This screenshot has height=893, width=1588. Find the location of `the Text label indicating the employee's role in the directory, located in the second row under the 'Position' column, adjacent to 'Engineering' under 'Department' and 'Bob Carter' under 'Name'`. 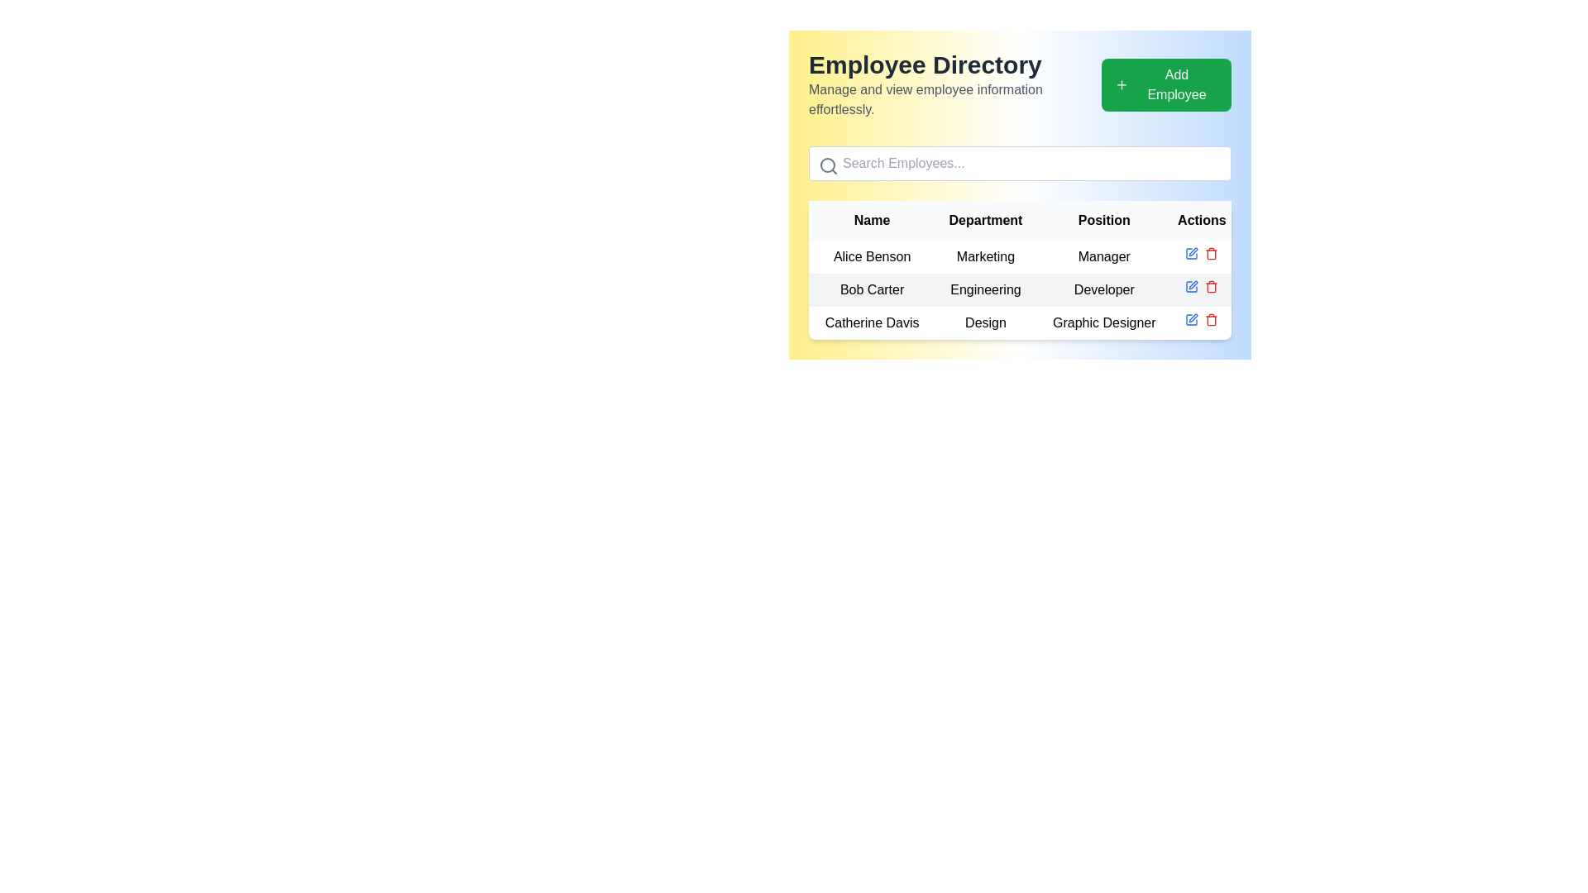

the Text label indicating the employee's role in the directory, located in the second row under the 'Position' column, adjacent to 'Engineering' under 'Department' and 'Bob Carter' under 'Name' is located at coordinates (1104, 289).